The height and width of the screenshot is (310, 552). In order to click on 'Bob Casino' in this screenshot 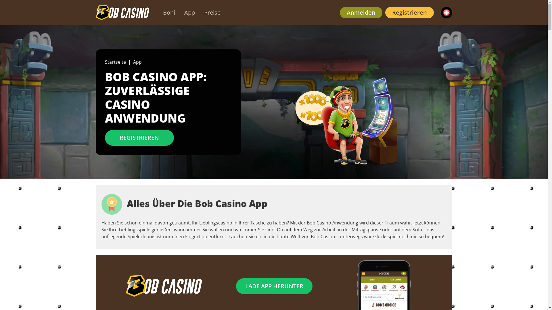, I will do `click(122, 12)`.